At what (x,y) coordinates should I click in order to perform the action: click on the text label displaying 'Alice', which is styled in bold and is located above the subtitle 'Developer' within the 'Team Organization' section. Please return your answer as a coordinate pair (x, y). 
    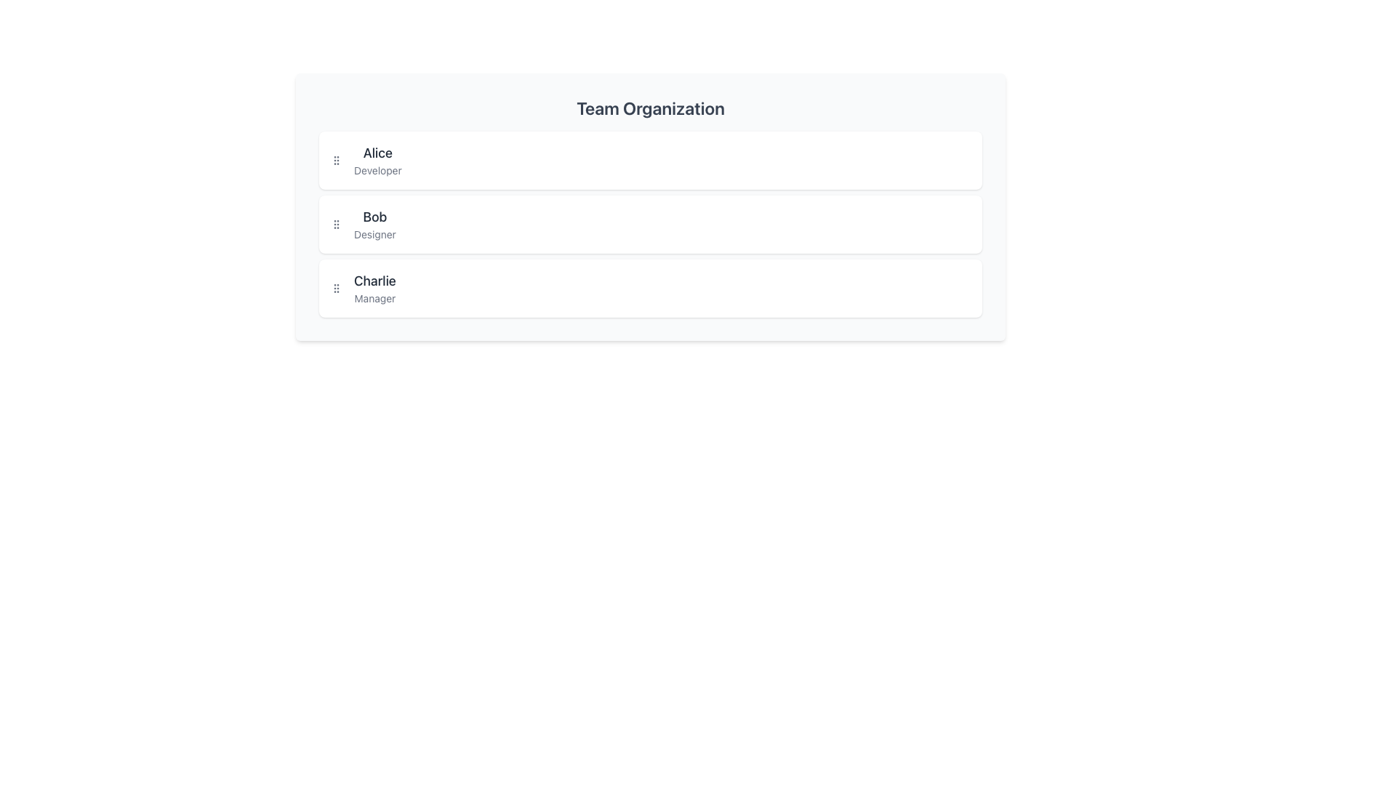
    Looking at the image, I should click on (377, 153).